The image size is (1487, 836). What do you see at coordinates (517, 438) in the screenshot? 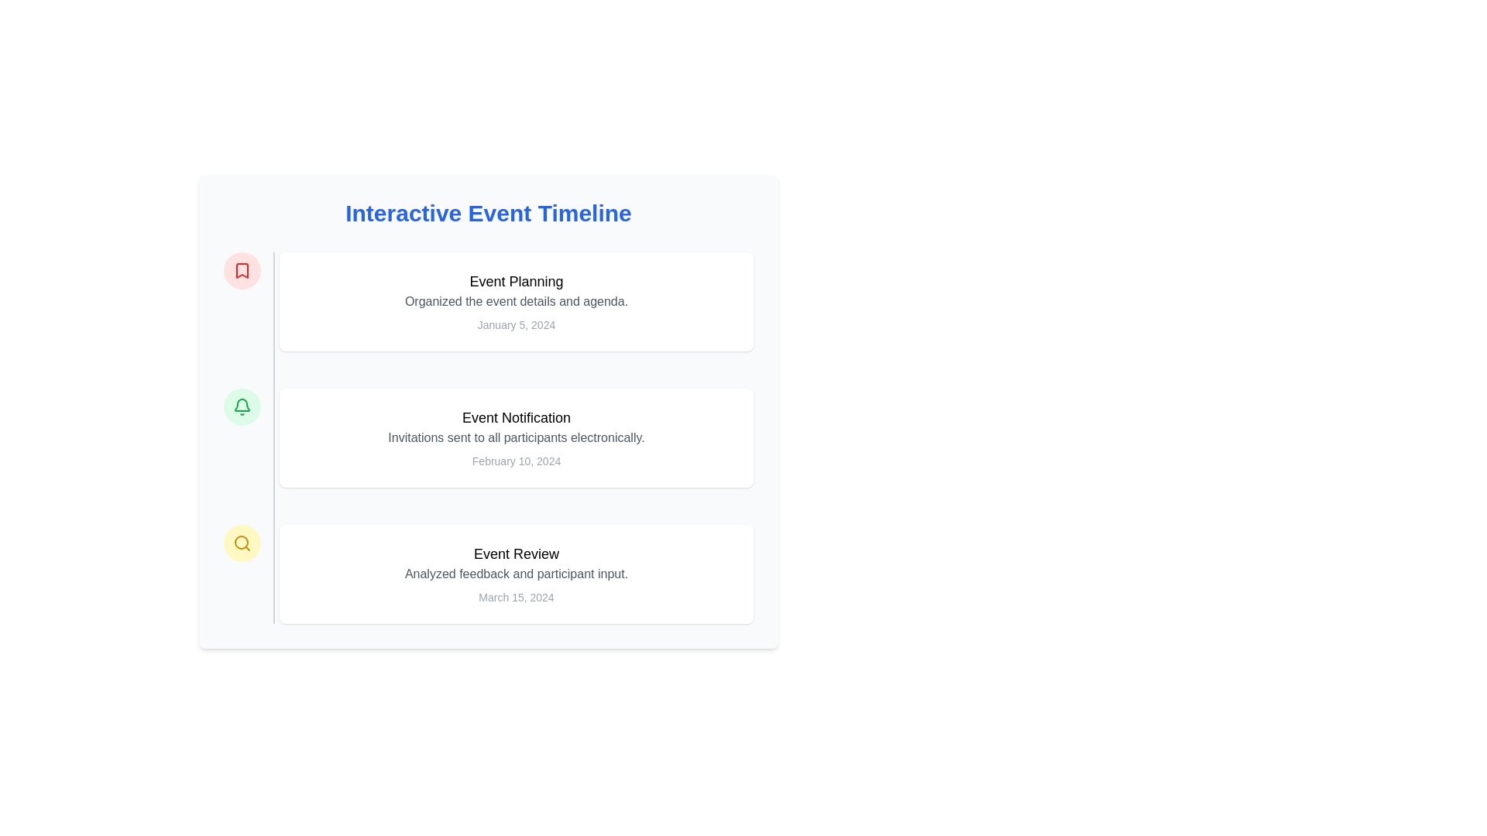
I see `the descriptive text stating 'Invitations sent to all participants electronically,' which is styled in gray and located beneath the heading 'Event Notification.'` at bounding box center [517, 438].